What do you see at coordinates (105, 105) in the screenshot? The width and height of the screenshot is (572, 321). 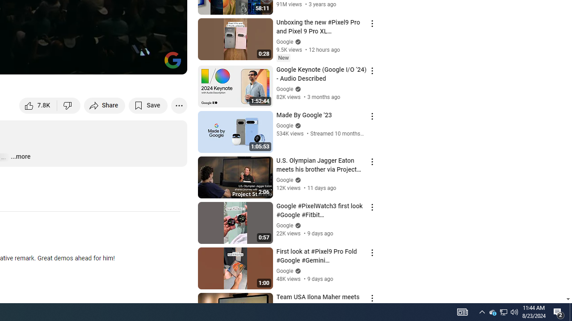 I see `'Share'` at bounding box center [105, 105].